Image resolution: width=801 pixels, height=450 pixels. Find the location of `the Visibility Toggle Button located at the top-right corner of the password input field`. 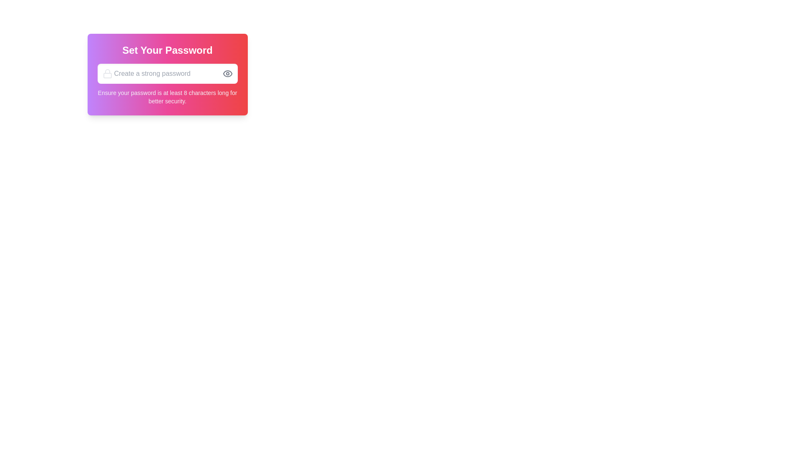

the Visibility Toggle Button located at the top-right corner of the password input field is located at coordinates (227, 73).